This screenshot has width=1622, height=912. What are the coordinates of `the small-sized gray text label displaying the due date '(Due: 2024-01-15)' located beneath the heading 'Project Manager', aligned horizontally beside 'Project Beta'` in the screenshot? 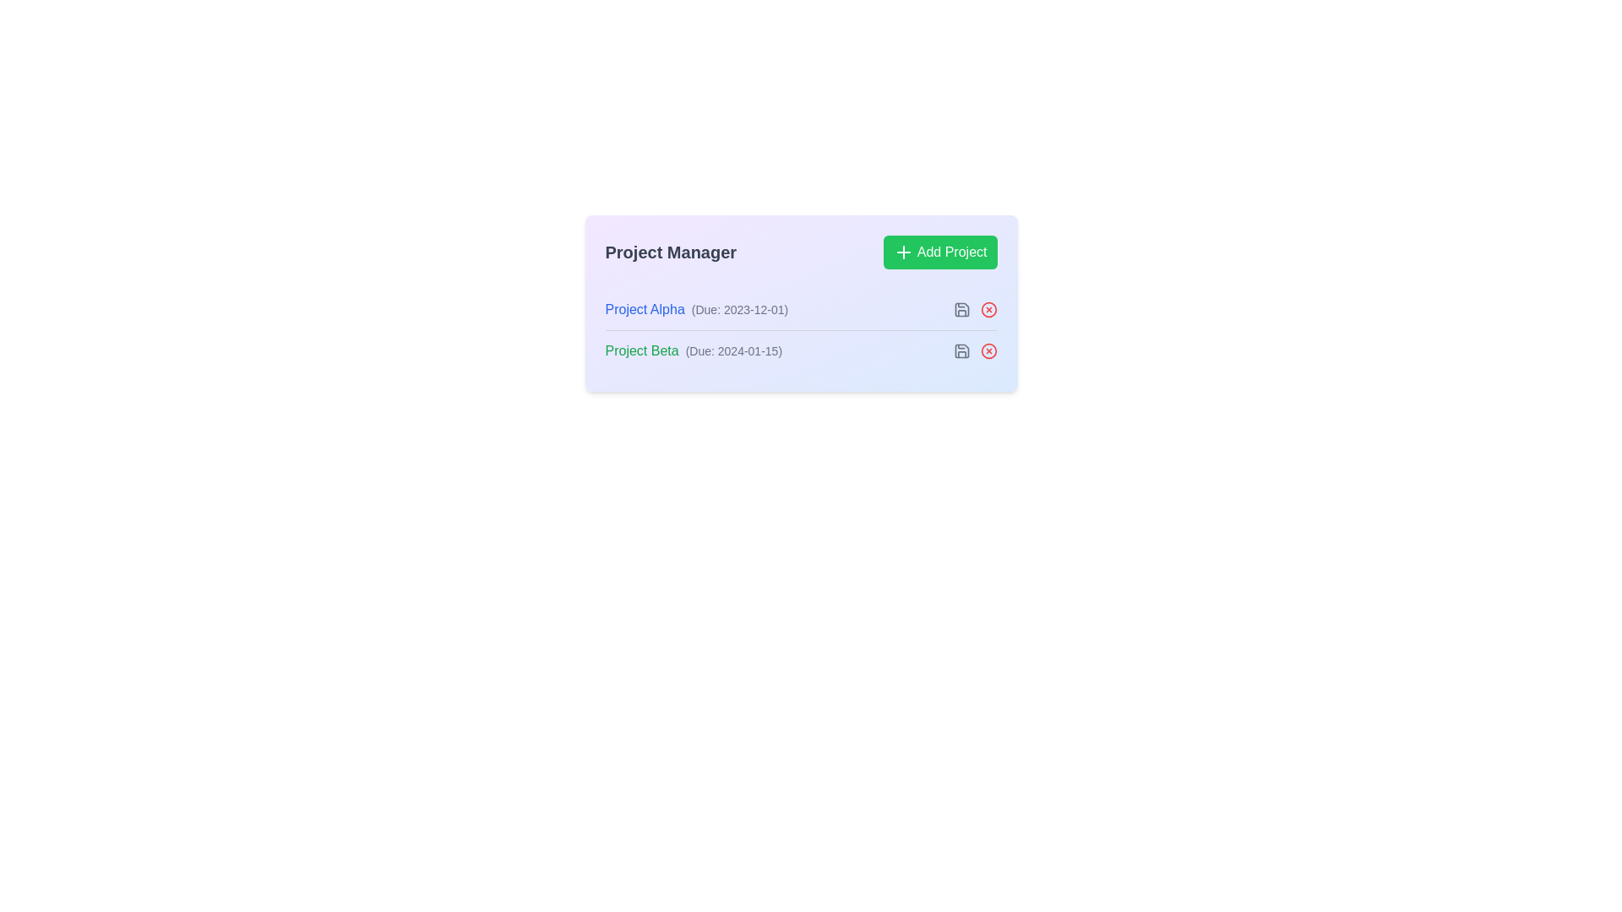 It's located at (733, 350).